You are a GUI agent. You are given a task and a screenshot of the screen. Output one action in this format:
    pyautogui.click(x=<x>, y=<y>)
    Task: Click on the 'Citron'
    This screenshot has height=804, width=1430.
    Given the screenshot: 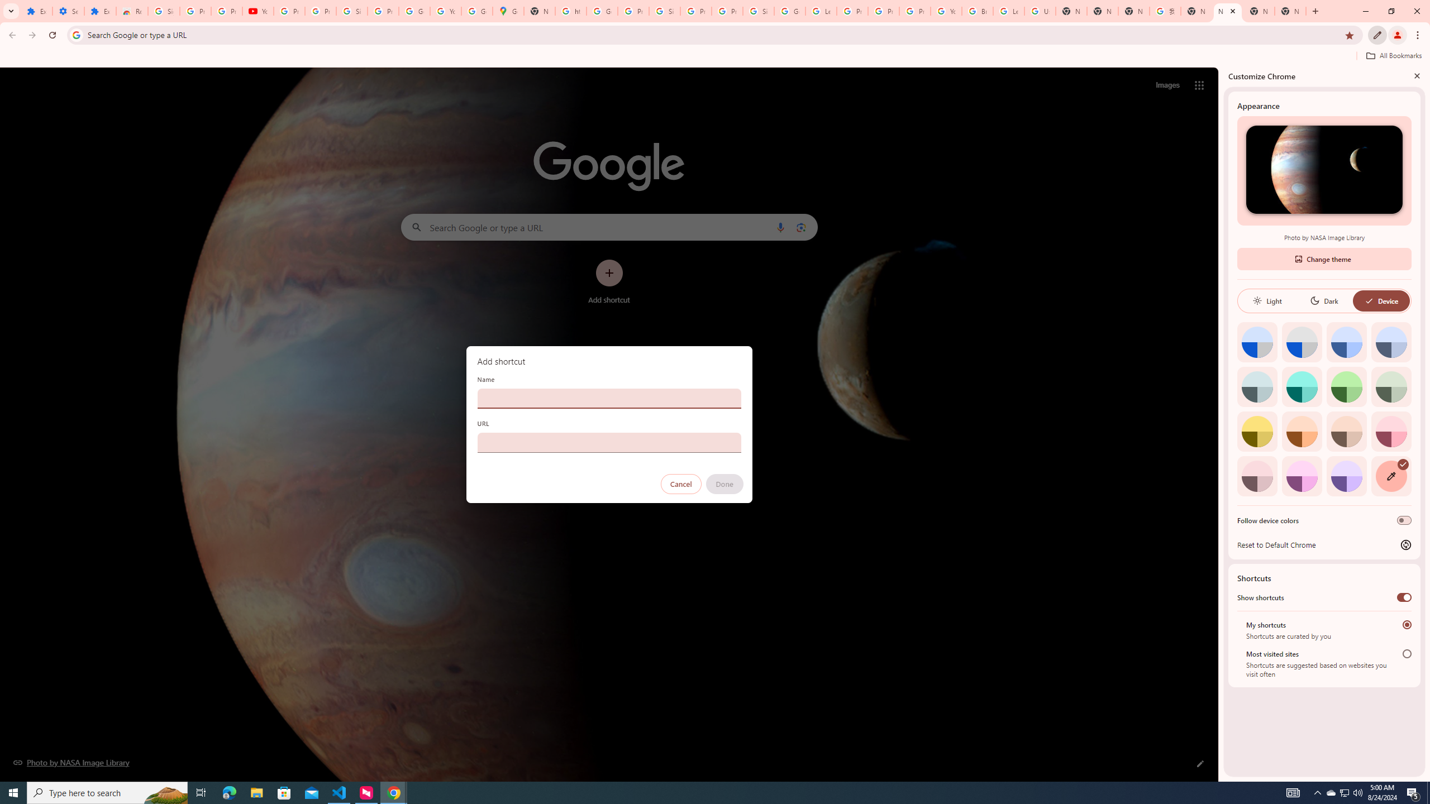 What is the action you would take?
    pyautogui.click(x=1257, y=430)
    